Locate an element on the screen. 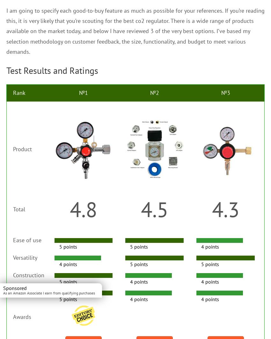 Image resolution: width=271 pixels, height=339 pixels. '№3' is located at coordinates (225, 92).